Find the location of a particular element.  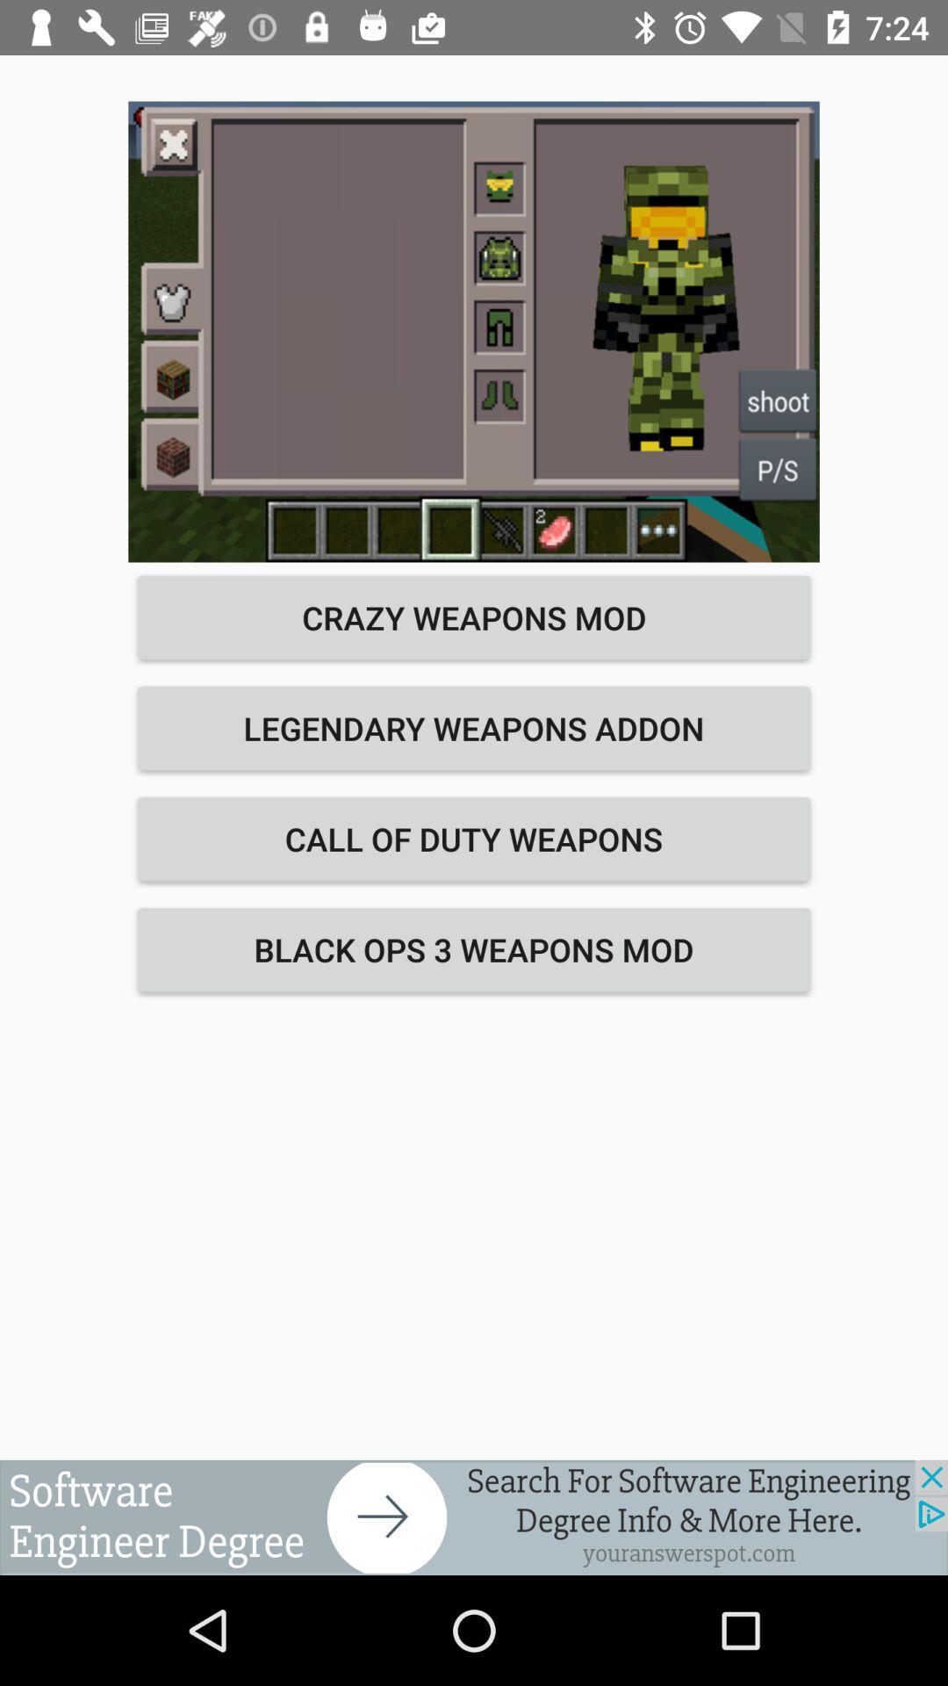

open advertisement is located at coordinates (474, 1517).